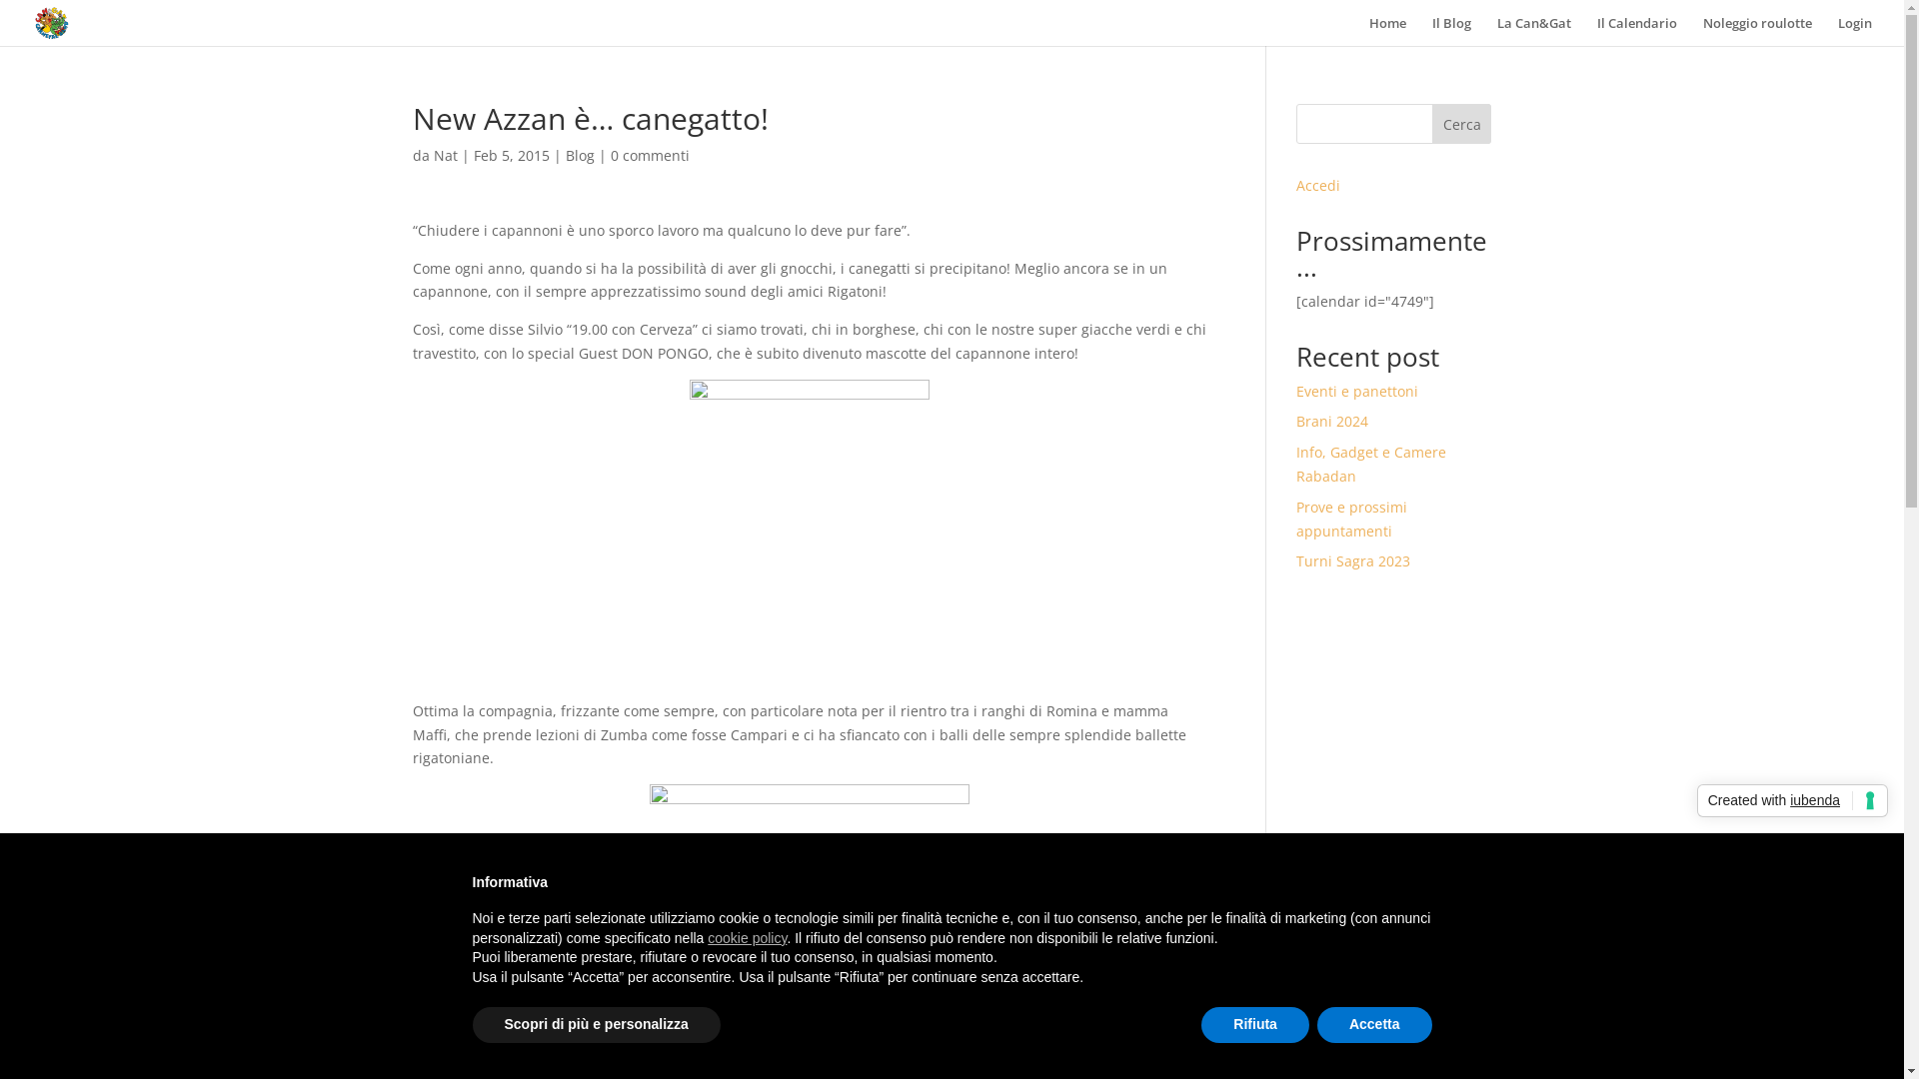  I want to click on 'Turni Sagra 2023', so click(1352, 560).